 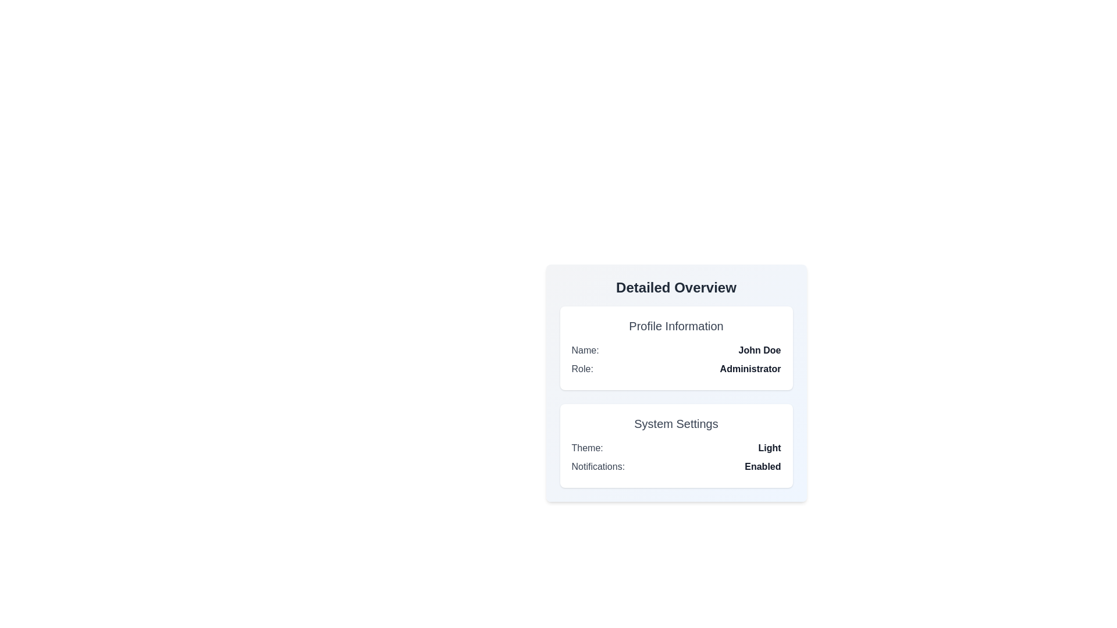 I want to click on content displayed in the 'Profile Information' box, which includes the title and user details such as 'Name: John Doe' and 'Role: Administrator', so click(x=676, y=347).